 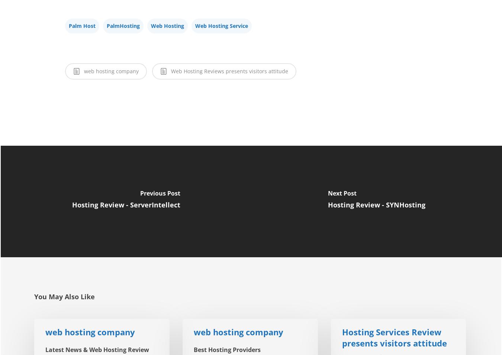 What do you see at coordinates (222, 25) in the screenshot?
I see `'Web Hosting Service'` at bounding box center [222, 25].